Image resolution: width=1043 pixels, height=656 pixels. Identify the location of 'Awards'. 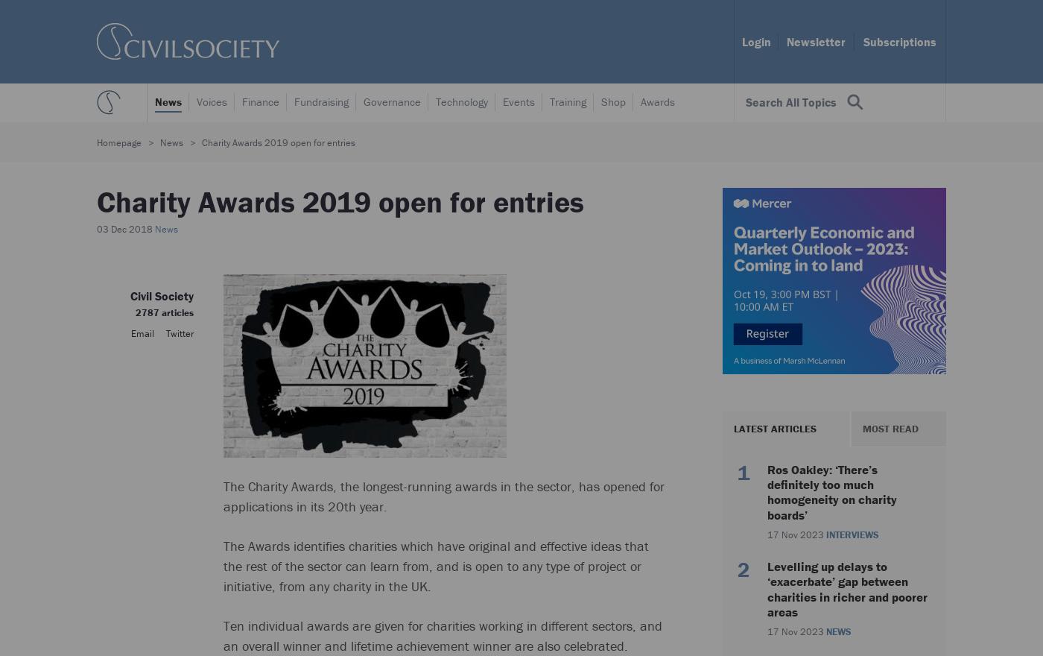
(657, 101).